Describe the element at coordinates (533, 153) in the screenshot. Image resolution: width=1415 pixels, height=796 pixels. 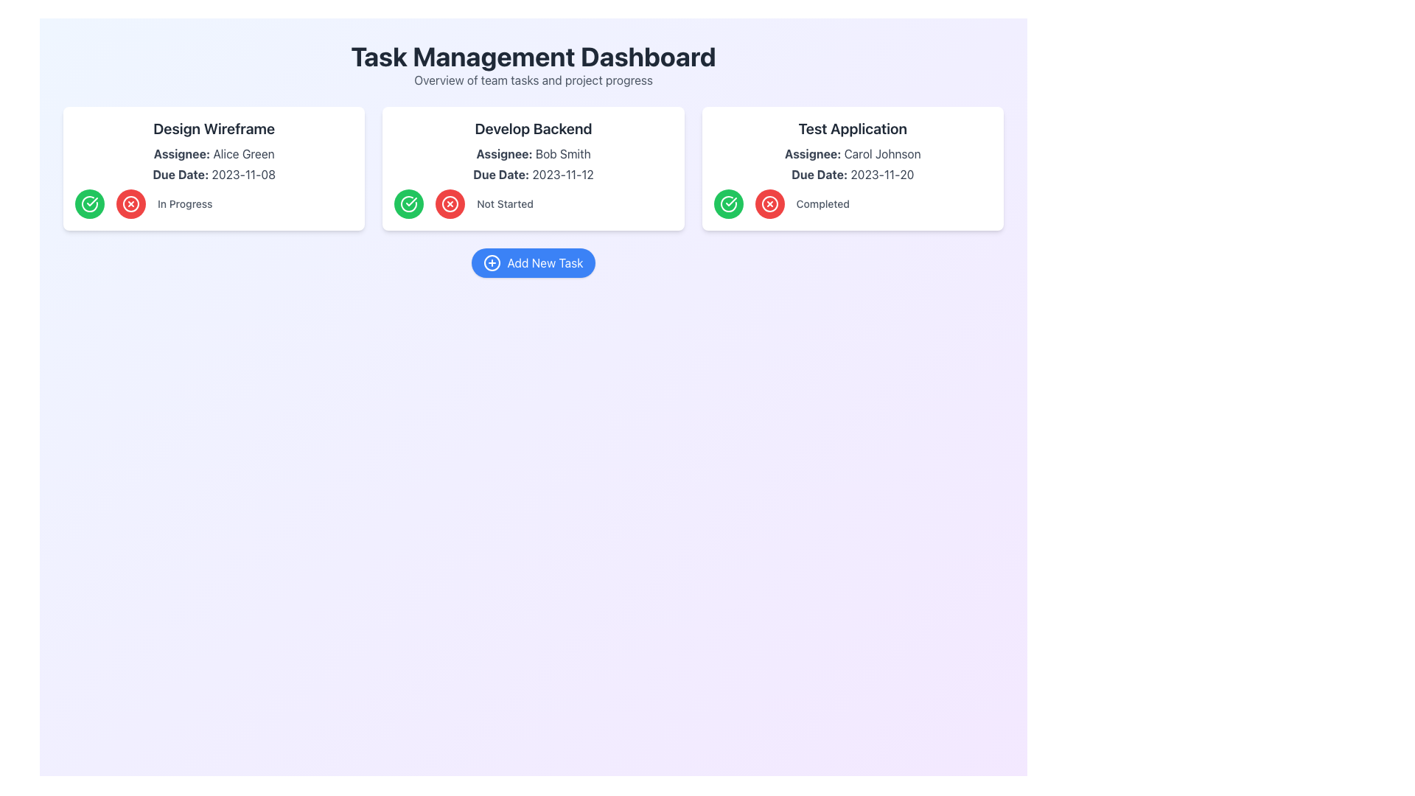
I see `the label indicating the individual responsible for the task in the 'Develop Backend' card, located below the task title and above the due date` at that location.